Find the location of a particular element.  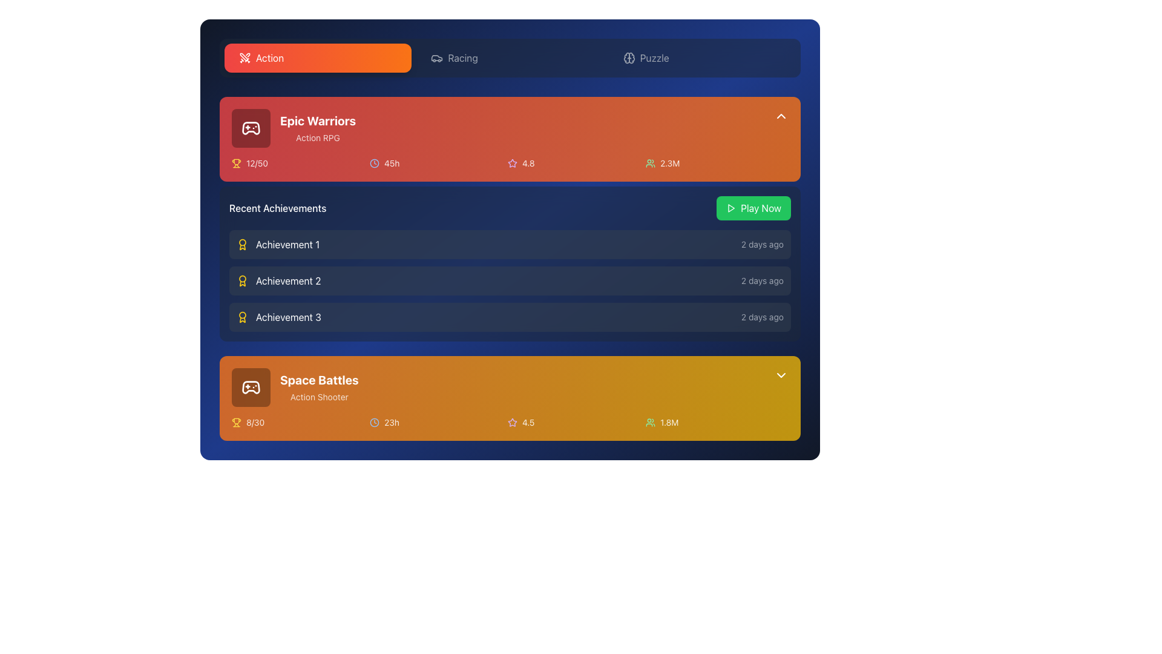

text content of the label displaying 'Achievement 2', which is part of the 'Recent Achievements' section and is located in the second row, next to a yellow icon is located at coordinates (287, 280).